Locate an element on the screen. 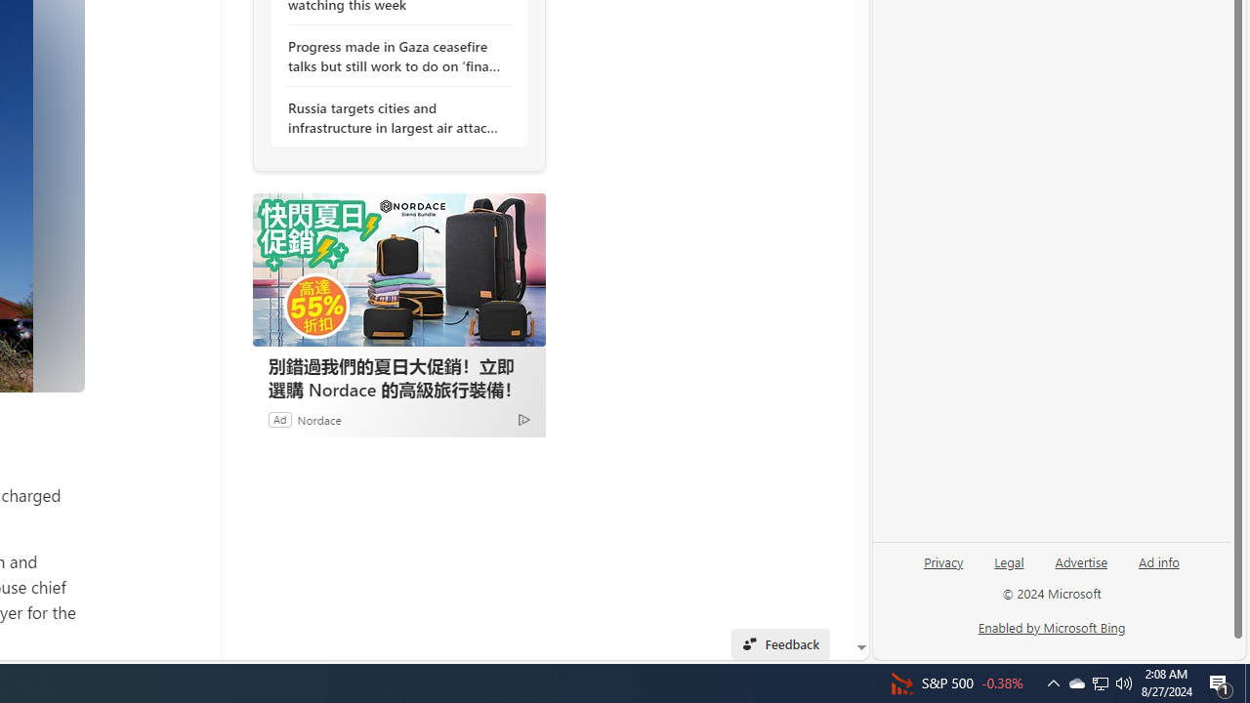 This screenshot has height=703, width=1250. 'Privacy' is located at coordinates (944, 569).